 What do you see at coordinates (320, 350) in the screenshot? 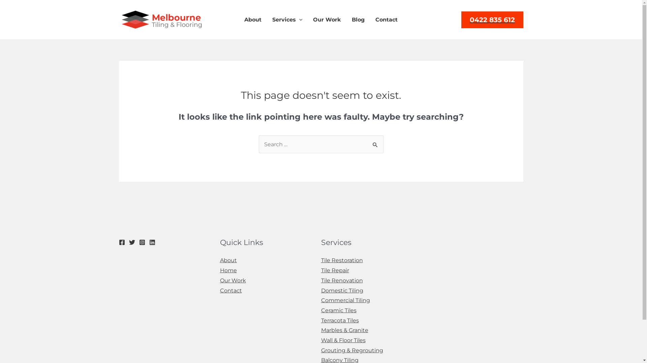
I see `'Grouting & Regrouting'` at bounding box center [320, 350].